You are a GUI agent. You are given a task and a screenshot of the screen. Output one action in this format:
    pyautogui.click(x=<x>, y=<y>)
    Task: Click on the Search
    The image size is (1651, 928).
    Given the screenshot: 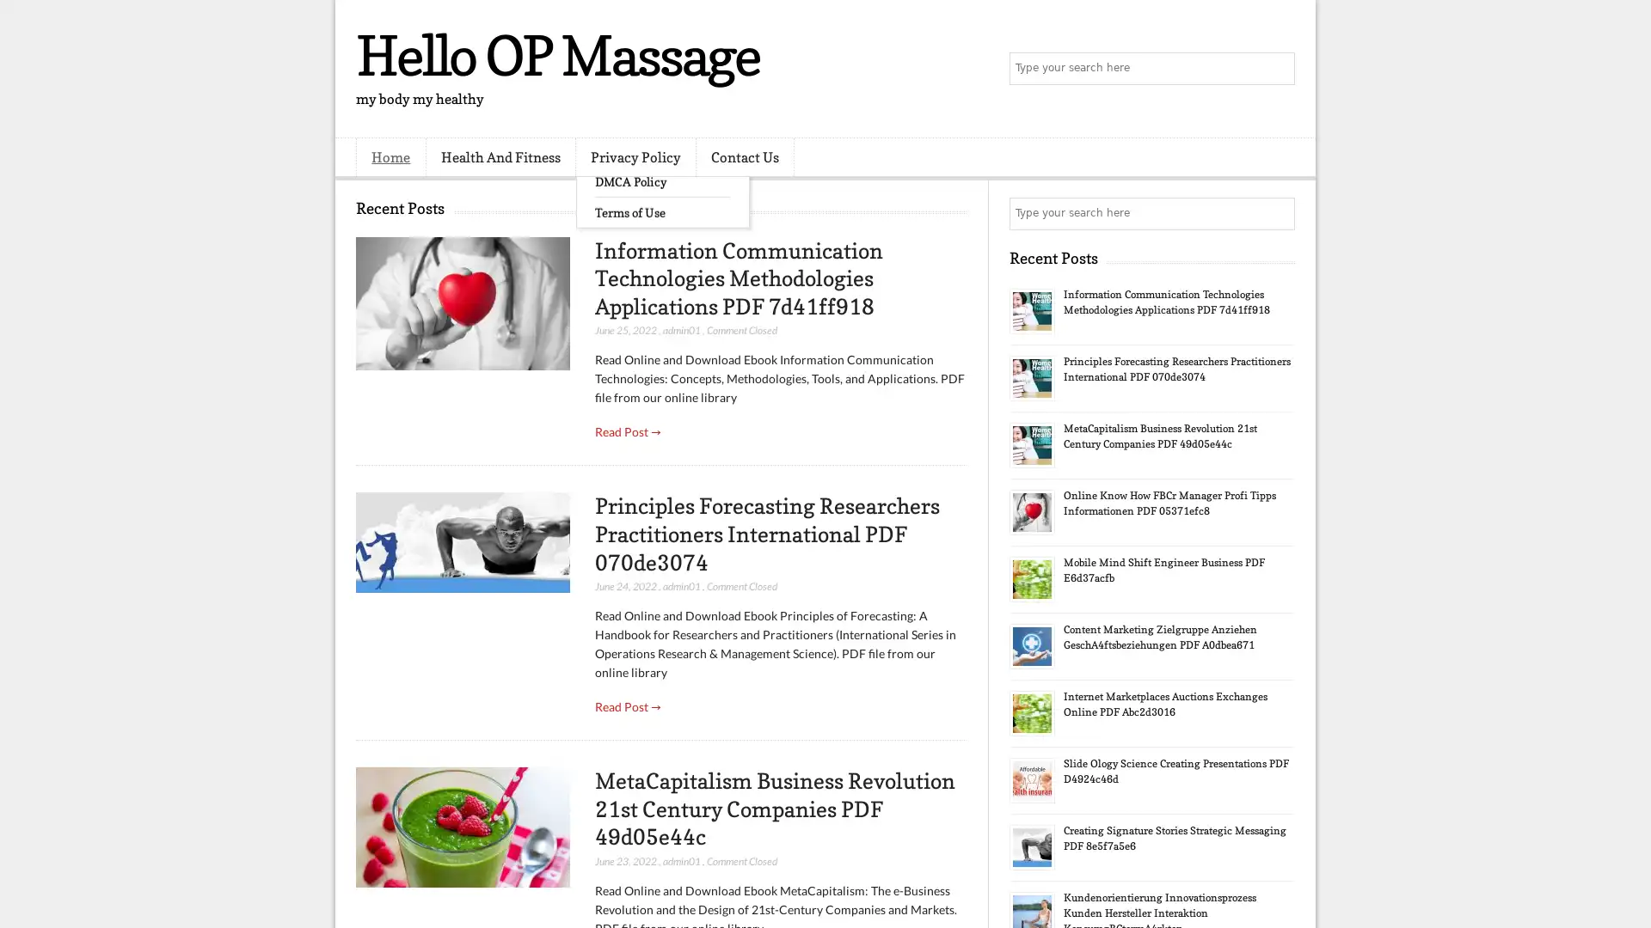 What is the action you would take?
    pyautogui.click(x=1277, y=69)
    